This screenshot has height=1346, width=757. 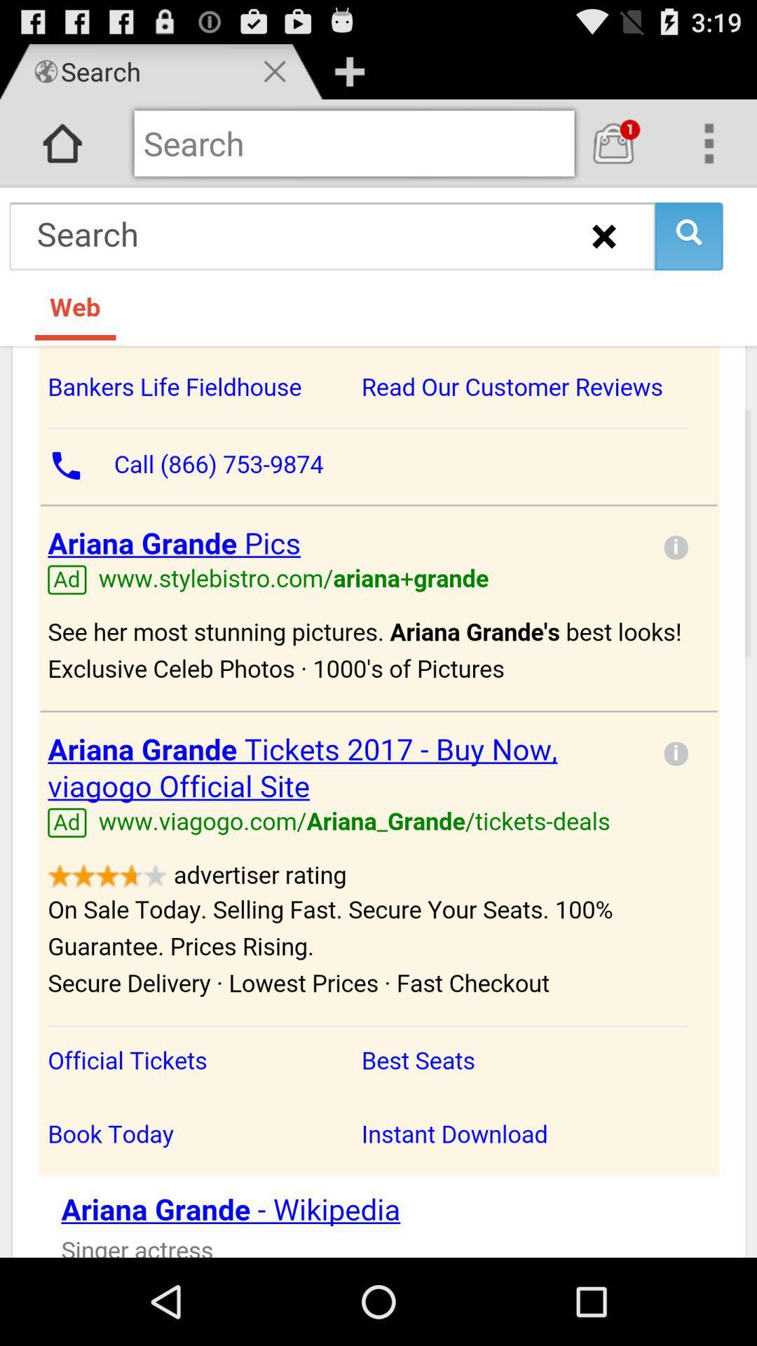 I want to click on the add icon, so click(x=349, y=76).